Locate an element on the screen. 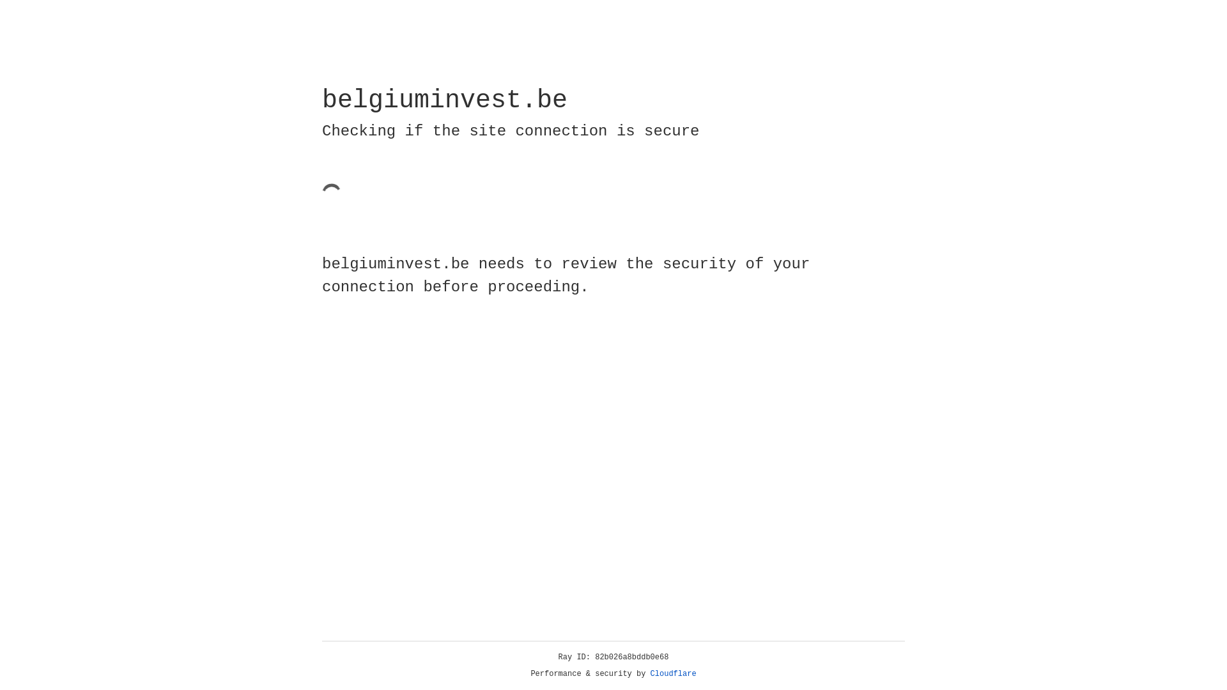  'Cloudflare' is located at coordinates (673, 673).